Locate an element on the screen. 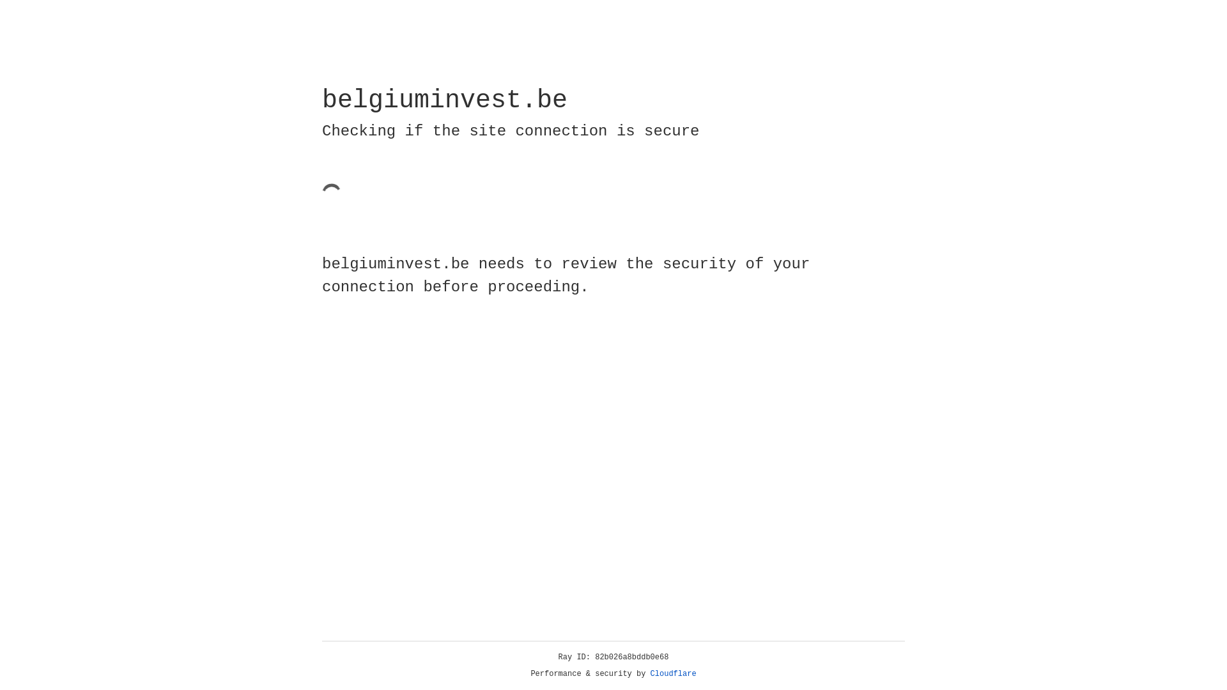  'Cloudflare' is located at coordinates (673, 673).